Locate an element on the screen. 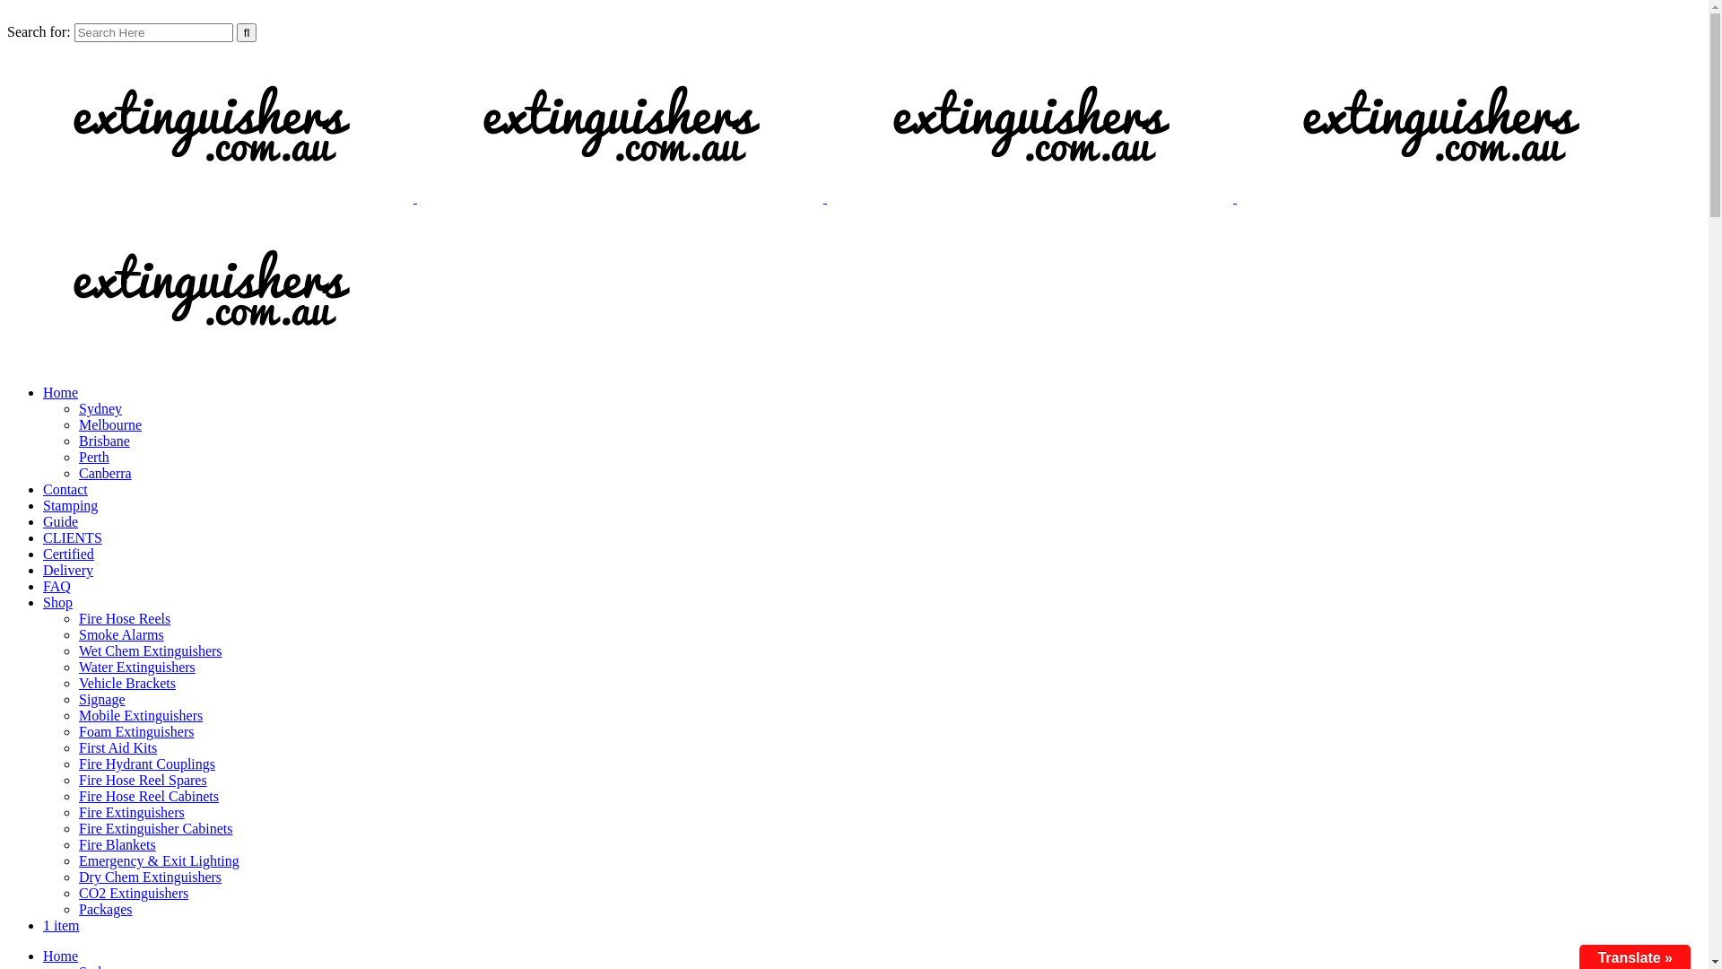 This screenshot has width=1722, height=969. 'Brisbane' is located at coordinates (103, 441).